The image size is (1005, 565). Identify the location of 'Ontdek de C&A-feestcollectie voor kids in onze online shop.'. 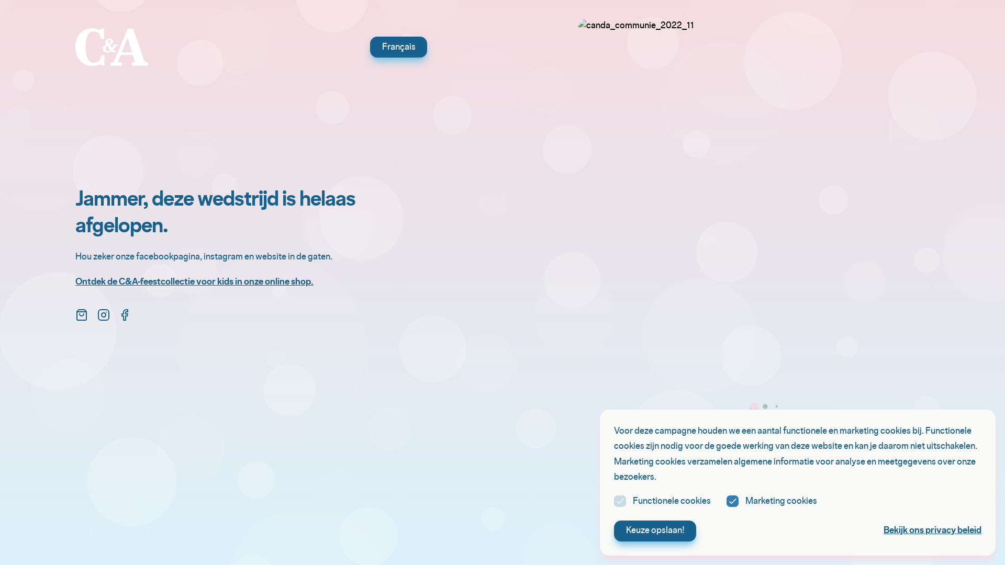
(194, 281).